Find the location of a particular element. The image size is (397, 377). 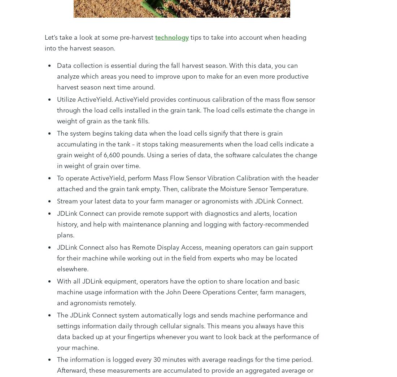

'Let’s take a look at some pre-harvest' is located at coordinates (99, 37).